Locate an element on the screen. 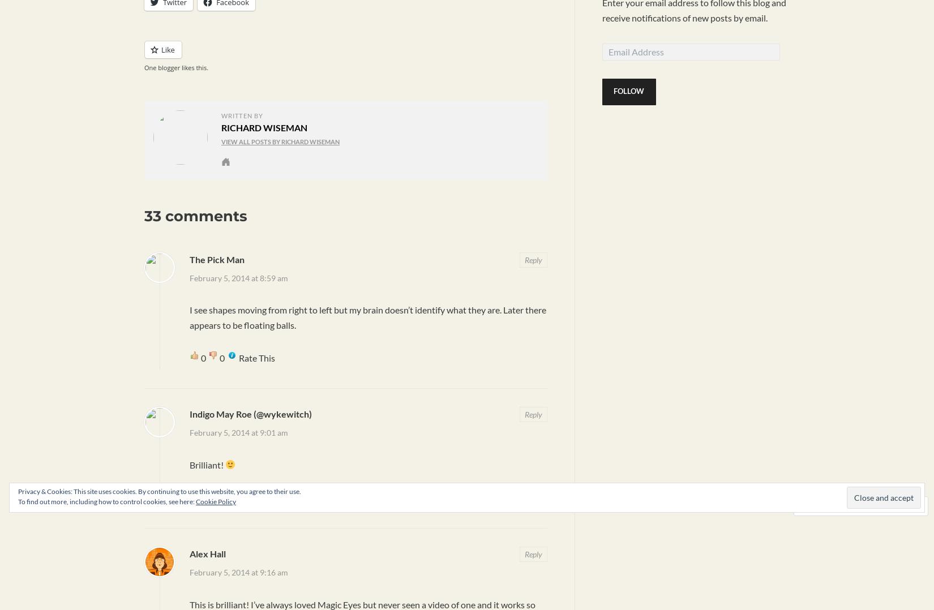  '33 comments' is located at coordinates (196, 215).